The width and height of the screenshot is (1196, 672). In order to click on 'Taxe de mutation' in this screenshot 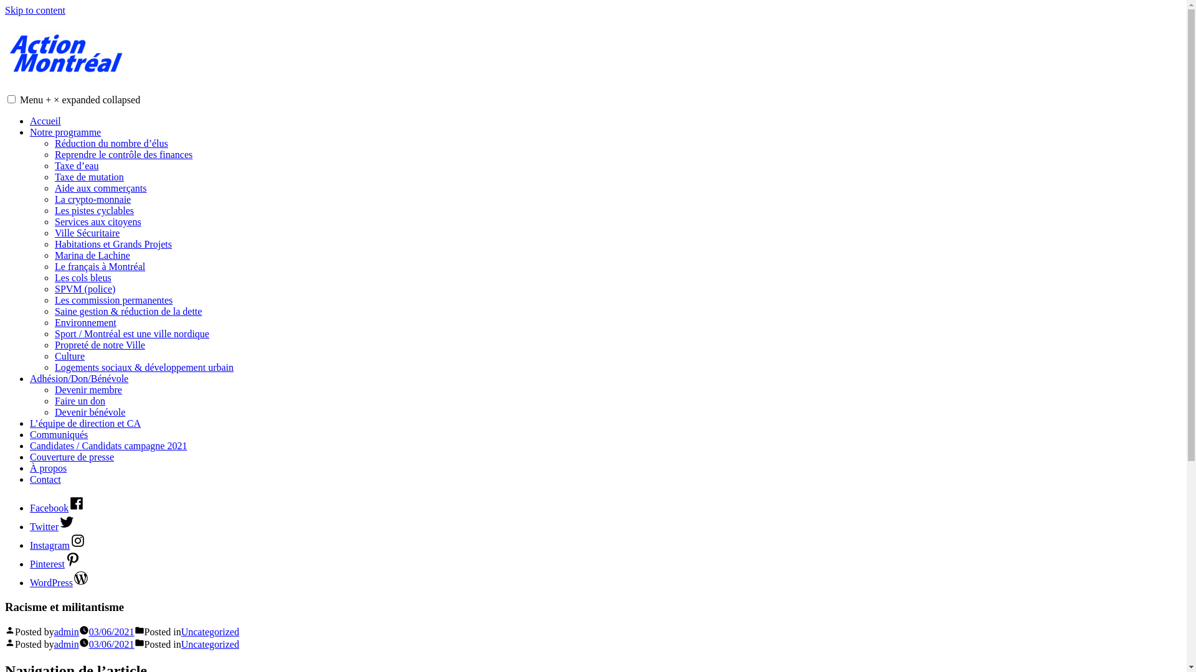, I will do `click(88, 177)`.